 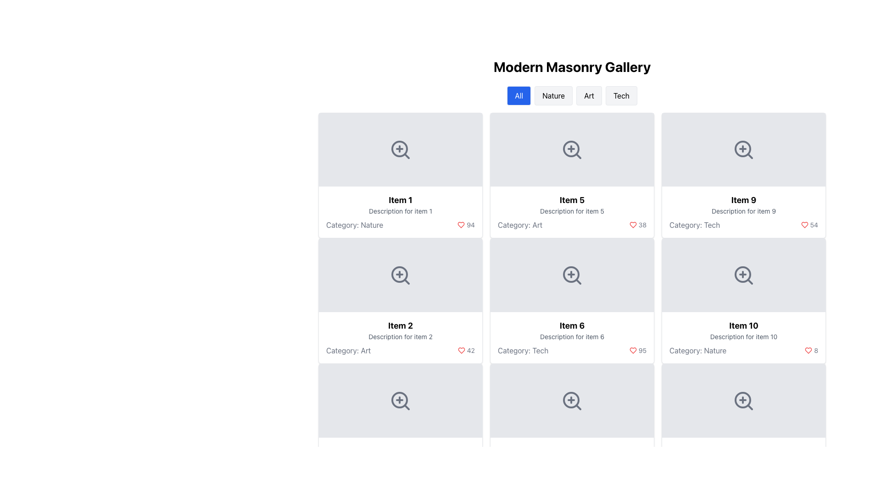 I want to click on the Informative bar indicating the category 'Nature' and number of likes '94', located at the bottom section of the product card titled 'Item 1', so click(x=401, y=225).